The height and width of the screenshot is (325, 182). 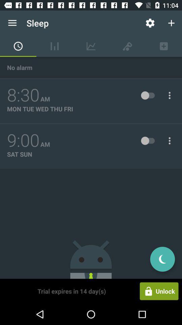 I want to click on icon to the right of the sleep app, so click(x=150, y=23).